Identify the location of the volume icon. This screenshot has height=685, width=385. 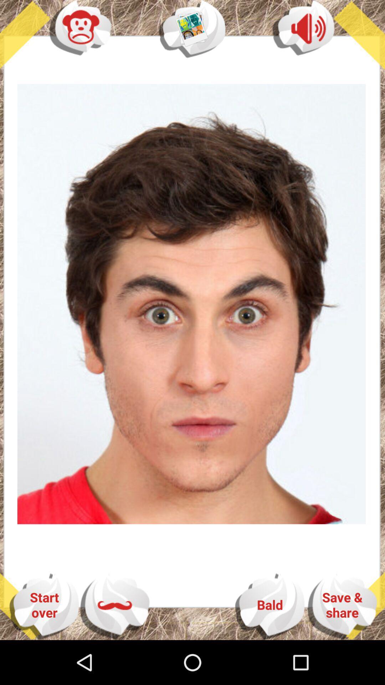
(304, 29).